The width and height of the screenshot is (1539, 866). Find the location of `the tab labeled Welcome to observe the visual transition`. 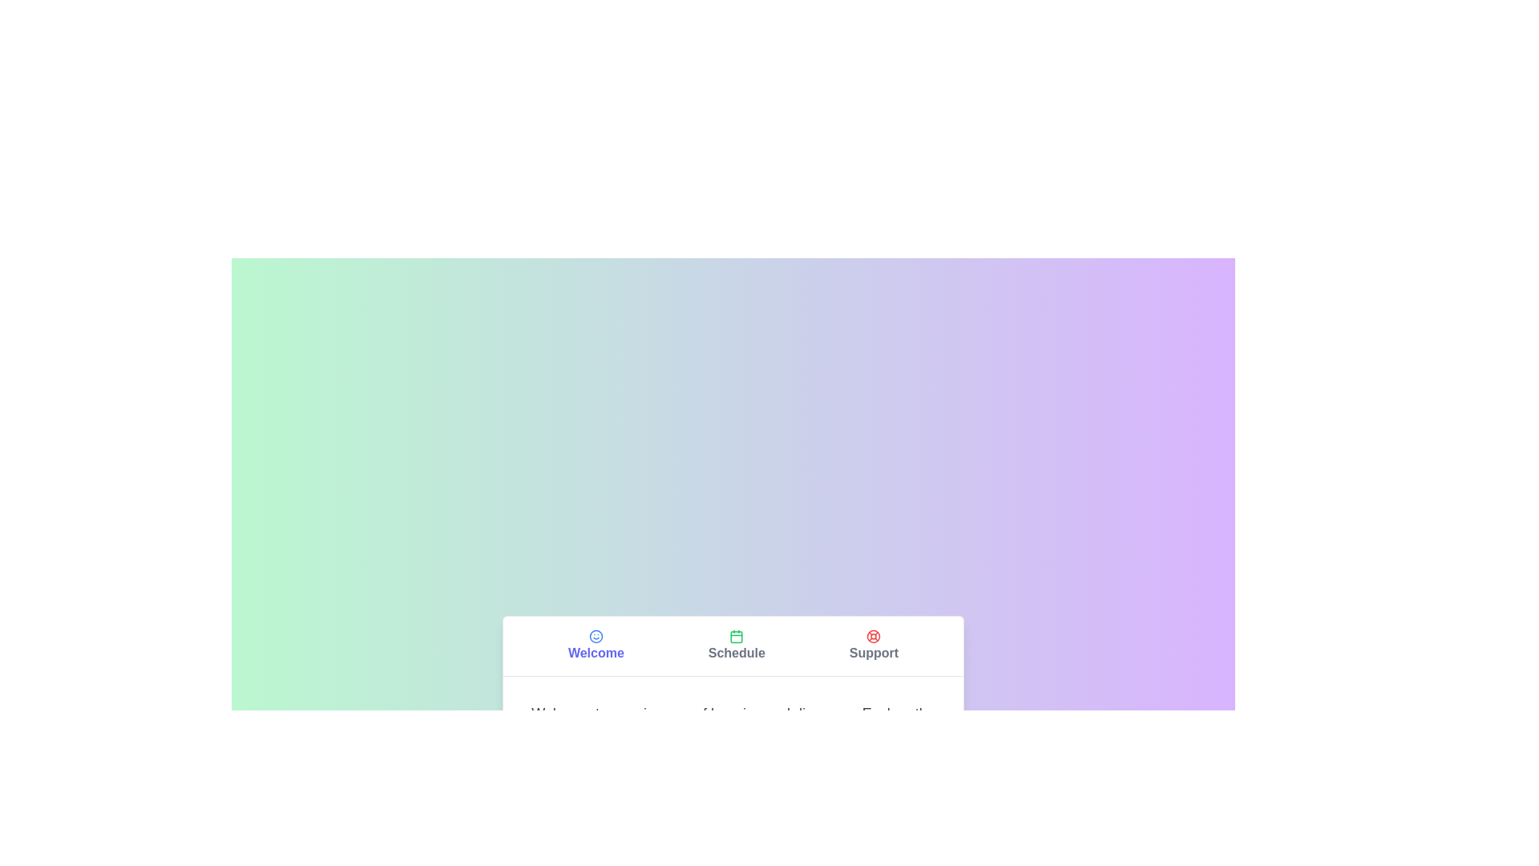

the tab labeled Welcome to observe the visual transition is located at coordinates (595, 645).